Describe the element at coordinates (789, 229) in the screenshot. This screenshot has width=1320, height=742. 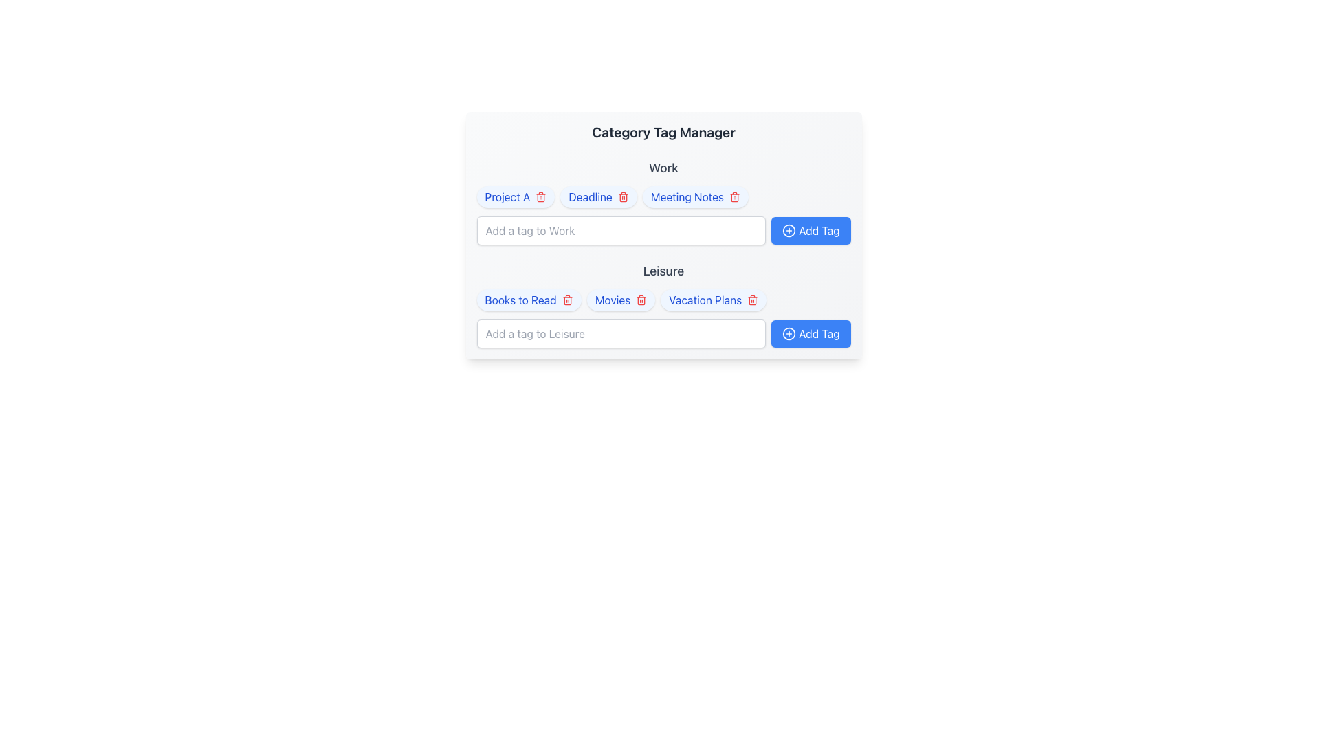
I see `the circular 'Add Tag' icon with a plus symbol, located to the left of the button's text in the 'Work' category section` at that location.